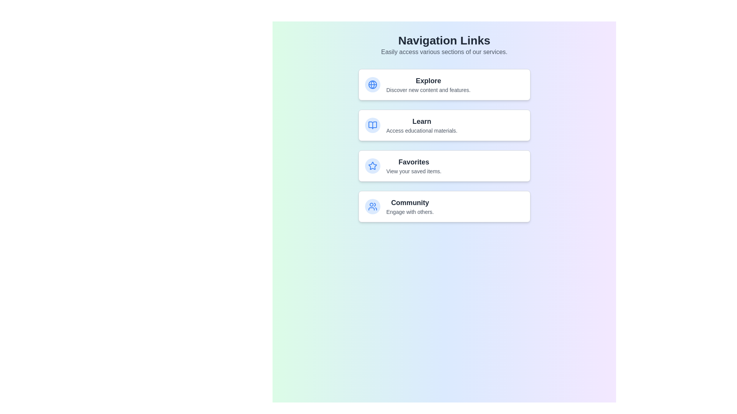  Describe the element at coordinates (410, 206) in the screenshot. I see `the 'Community' navigation link within the fourth interactive card` at that location.